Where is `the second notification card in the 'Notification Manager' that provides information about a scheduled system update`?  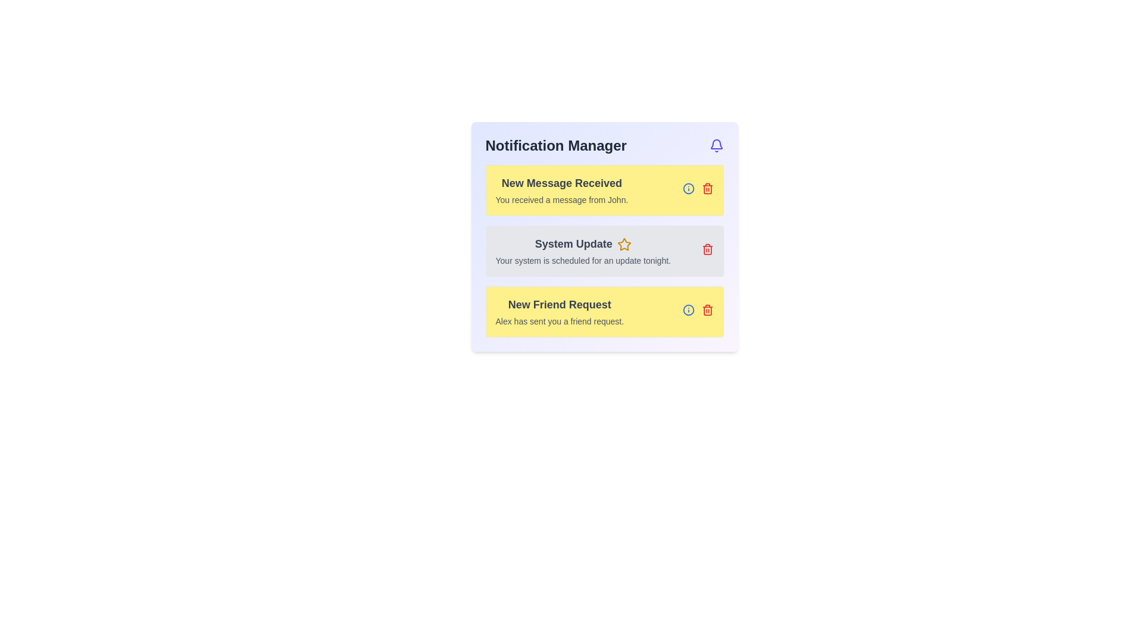
the second notification card in the 'Notification Manager' that provides information about a scheduled system update is located at coordinates (604, 250).